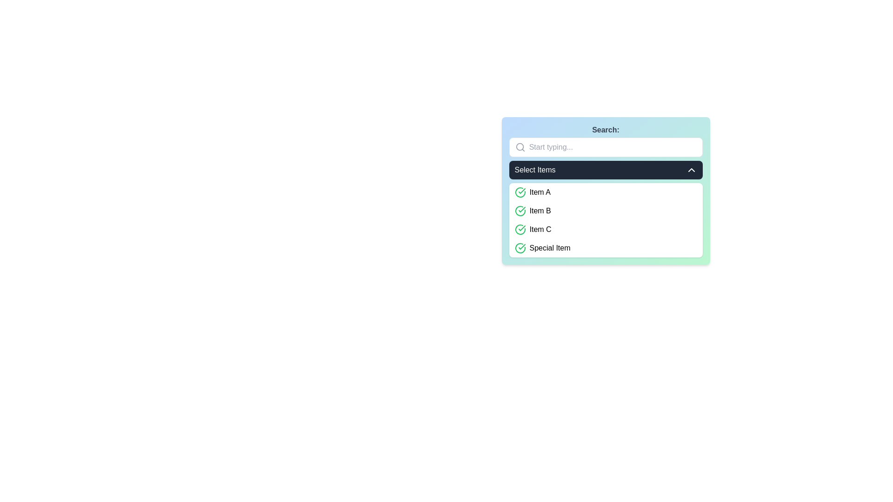 This screenshot has height=502, width=893. What do you see at coordinates (520, 247) in the screenshot?
I see `the indicator icon confirming the selection of the 'Special Item' in the dropdown list, located to the left of the 'Special Item' text` at bounding box center [520, 247].